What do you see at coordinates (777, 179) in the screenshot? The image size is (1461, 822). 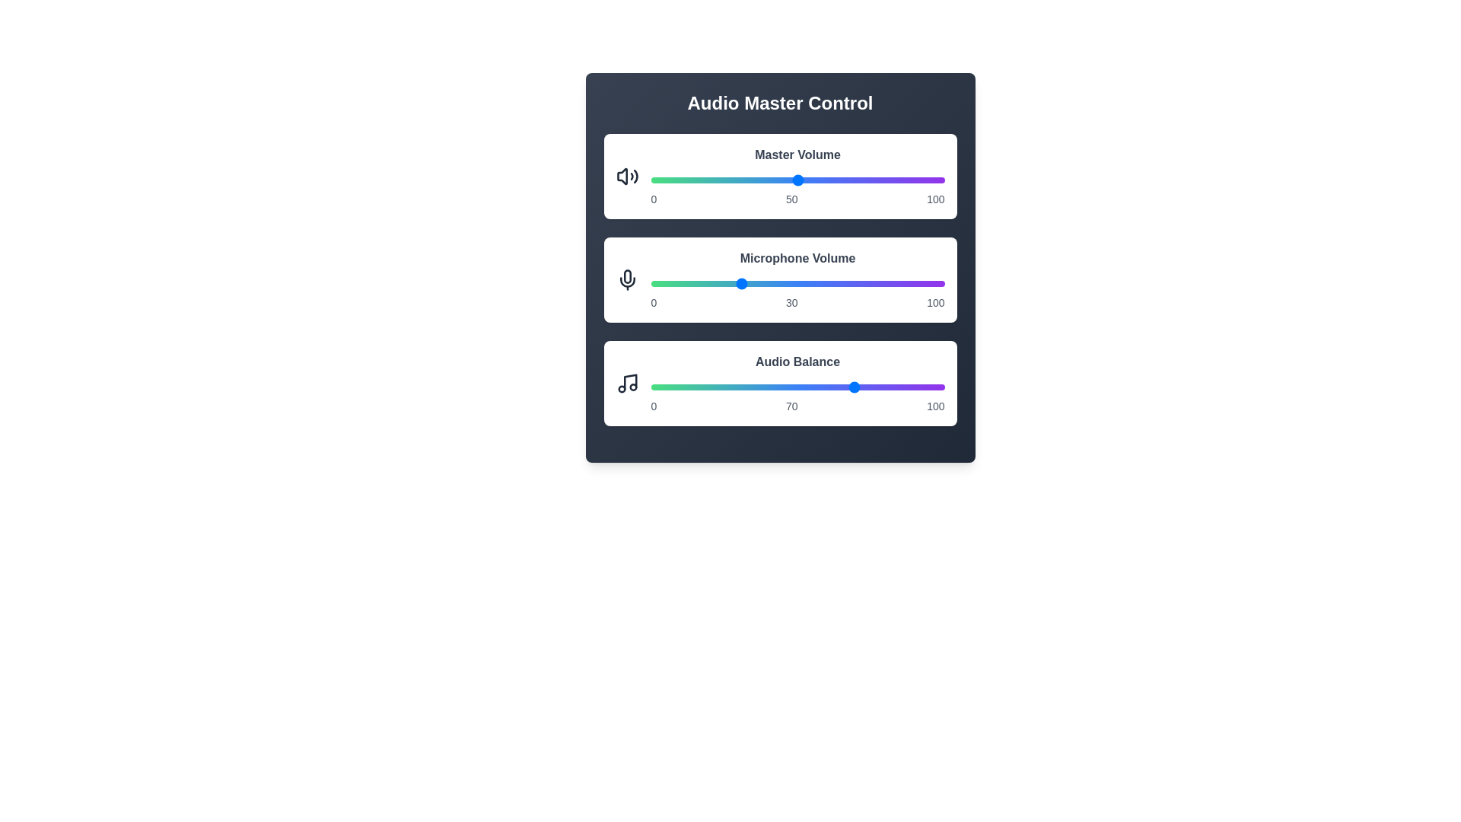 I see `the Master Volume slider to 43%` at bounding box center [777, 179].